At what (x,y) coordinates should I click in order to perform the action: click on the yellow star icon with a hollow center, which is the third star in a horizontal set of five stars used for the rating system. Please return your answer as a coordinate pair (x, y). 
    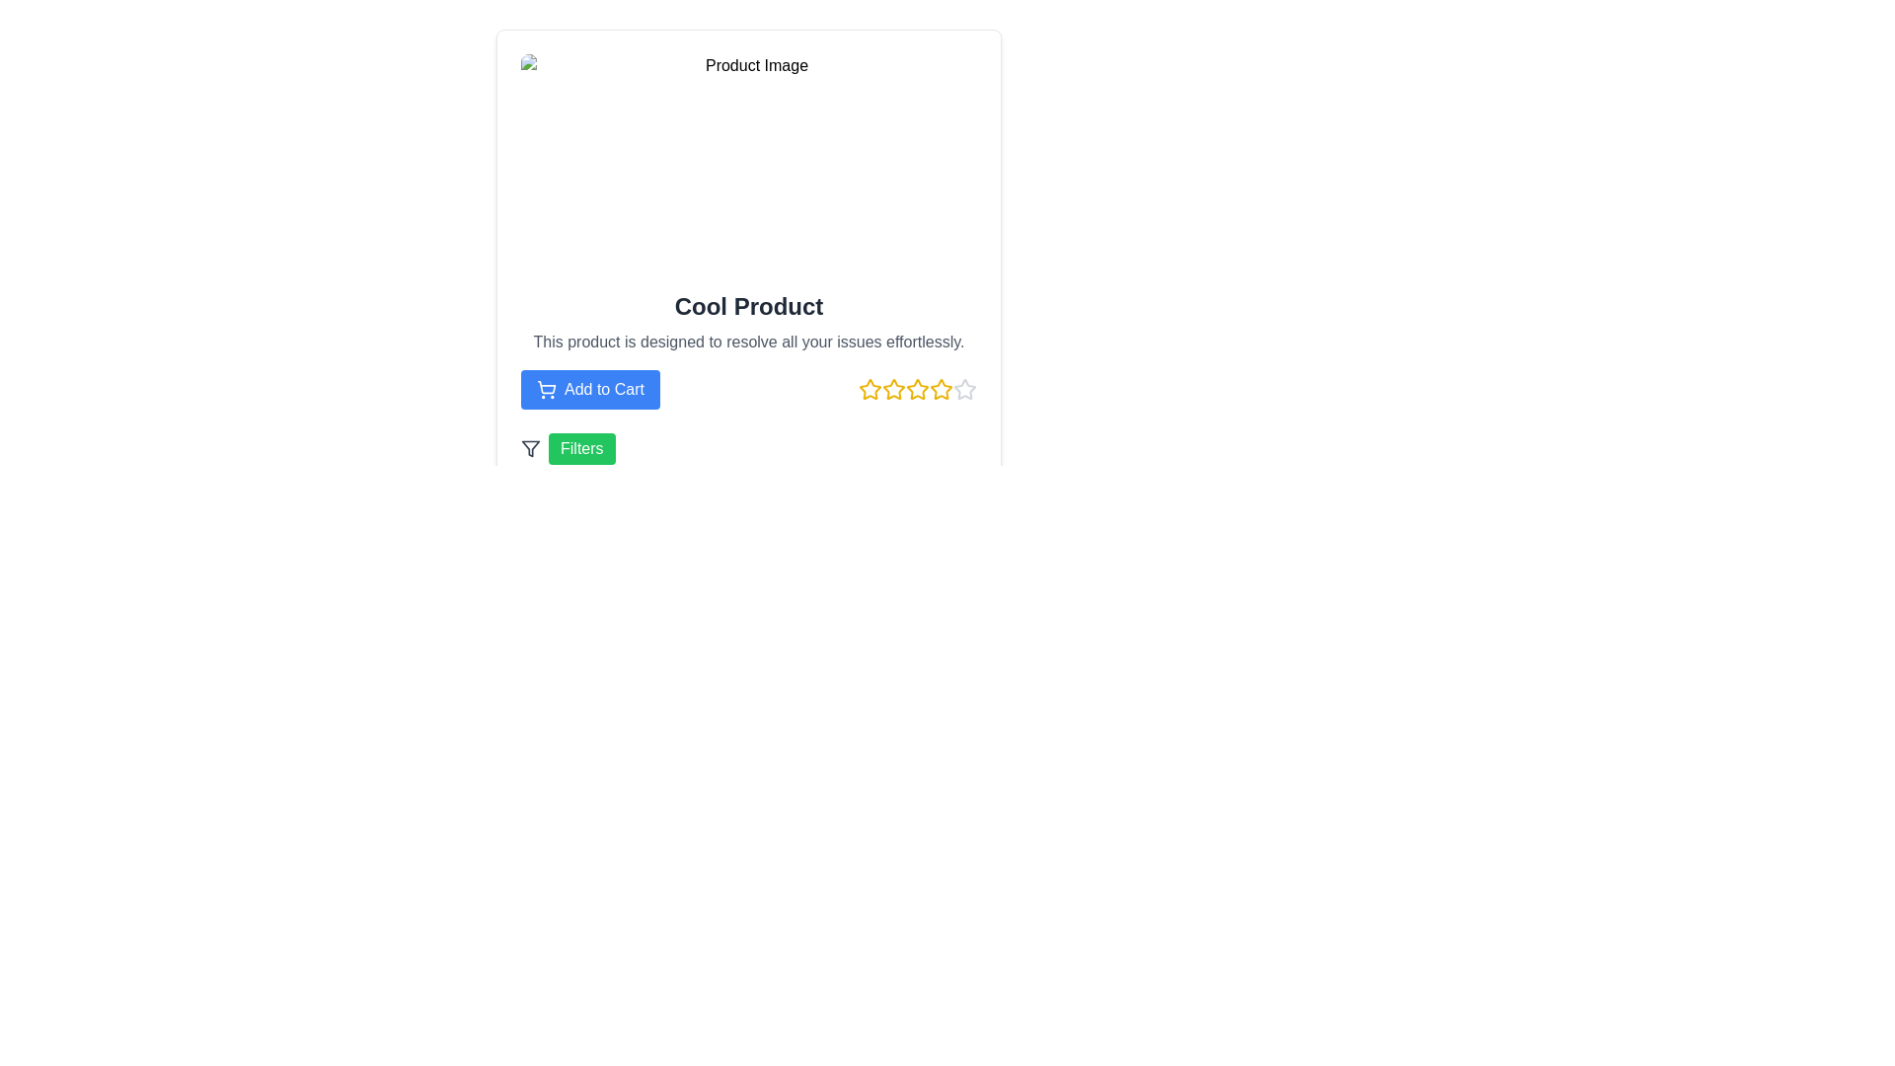
    Looking at the image, I should click on (870, 389).